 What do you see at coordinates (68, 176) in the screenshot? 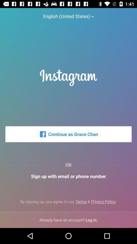
I see `sign up with icon` at bounding box center [68, 176].